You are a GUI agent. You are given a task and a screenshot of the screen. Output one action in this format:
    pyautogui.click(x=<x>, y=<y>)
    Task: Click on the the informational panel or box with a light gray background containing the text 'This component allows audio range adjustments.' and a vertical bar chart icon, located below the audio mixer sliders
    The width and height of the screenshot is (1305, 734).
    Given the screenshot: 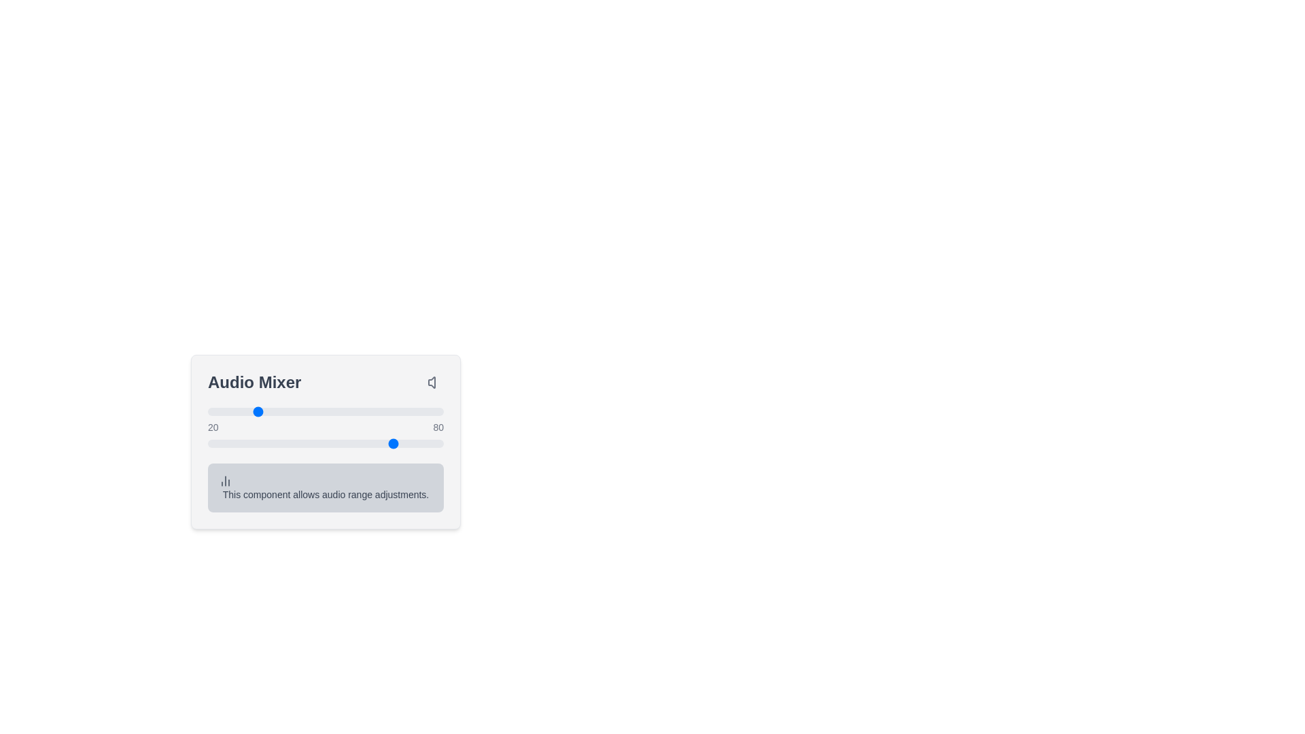 What is the action you would take?
    pyautogui.click(x=325, y=487)
    